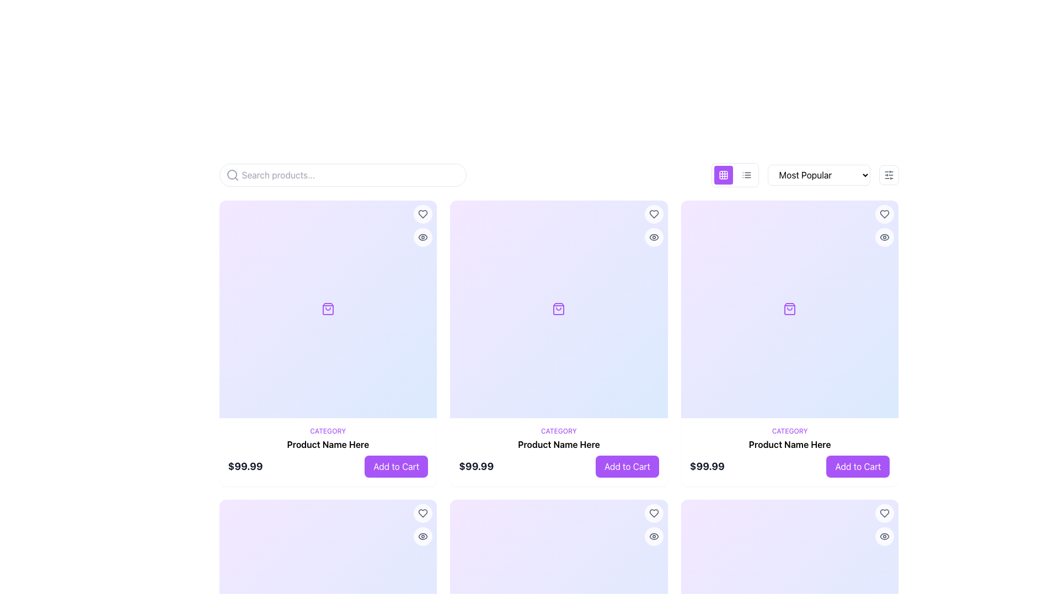 The height and width of the screenshot is (595, 1059). What do you see at coordinates (422, 214) in the screenshot?
I see `the circular interactive button with a heart icon in the top-right corner of the product card to favorite the item` at bounding box center [422, 214].